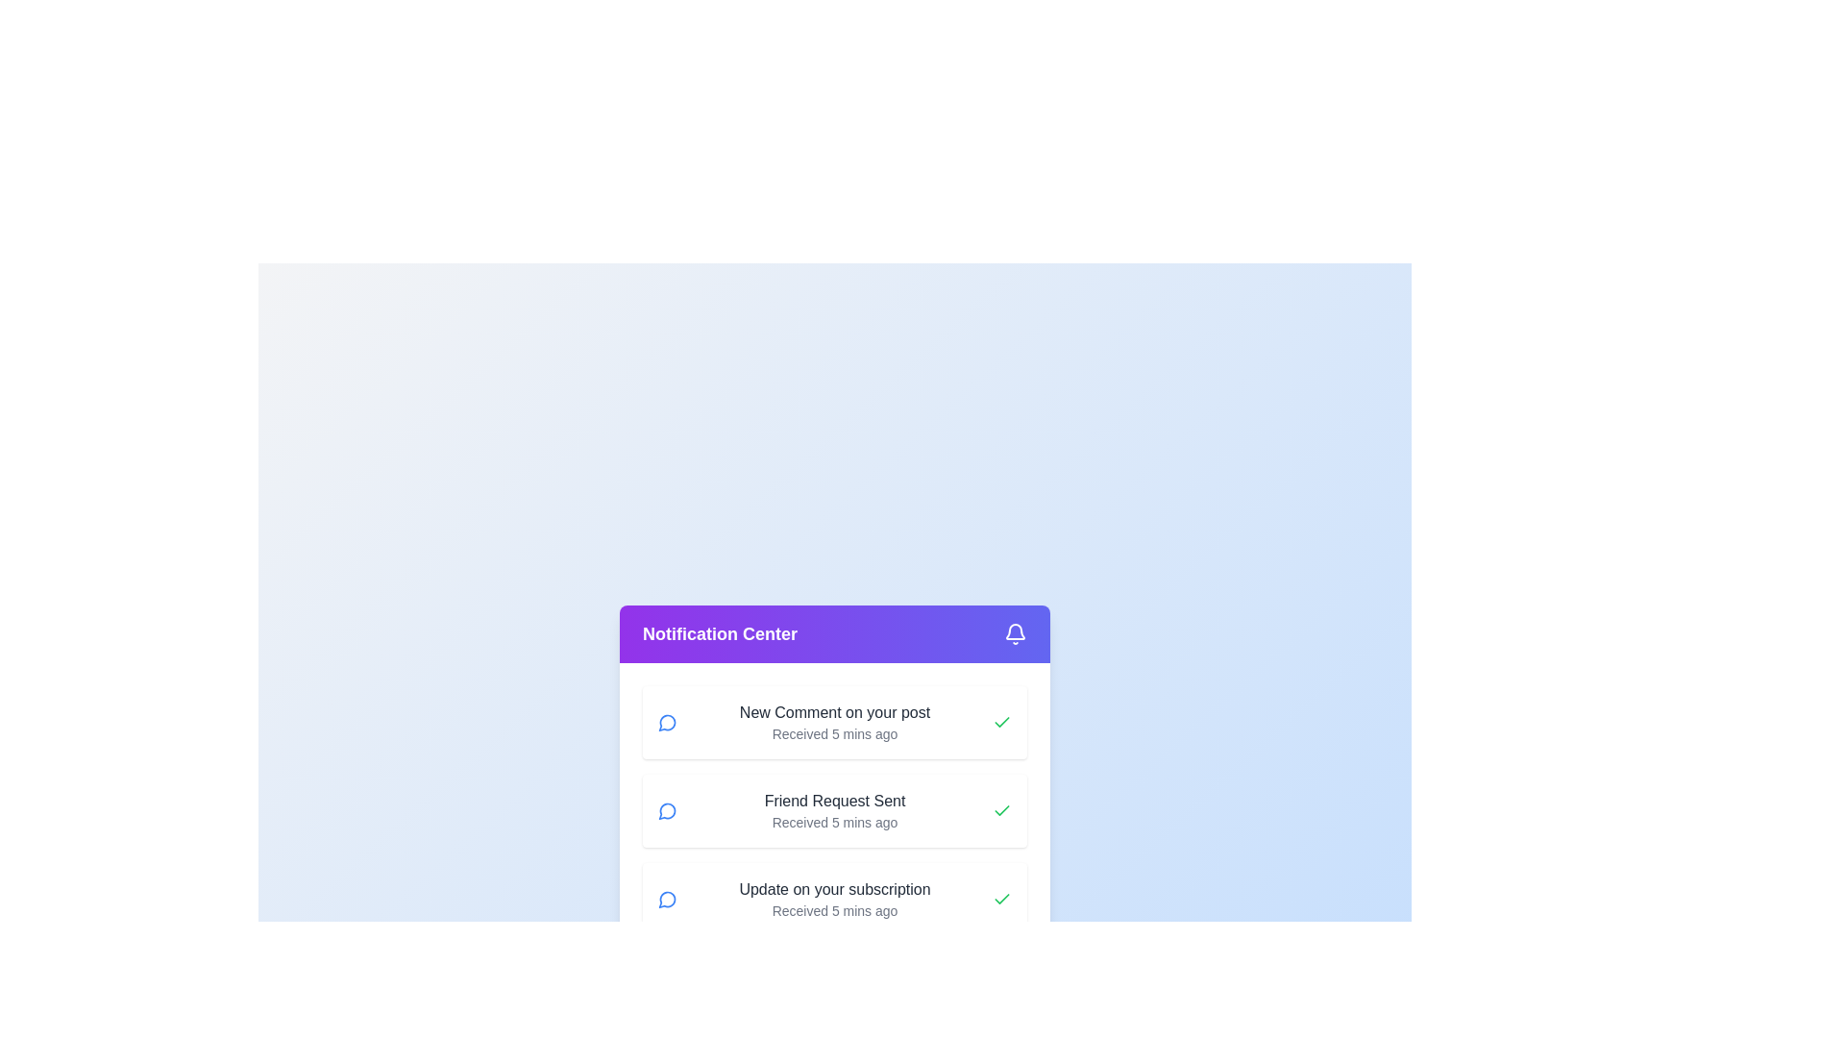  Describe the element at coordinates (834, 822) in the screenshot. I see `the gray text label displaying 'Received 5 mins ago', which is located beneath 'Friend Request Sent' in the second notification entry of the list` at that location.